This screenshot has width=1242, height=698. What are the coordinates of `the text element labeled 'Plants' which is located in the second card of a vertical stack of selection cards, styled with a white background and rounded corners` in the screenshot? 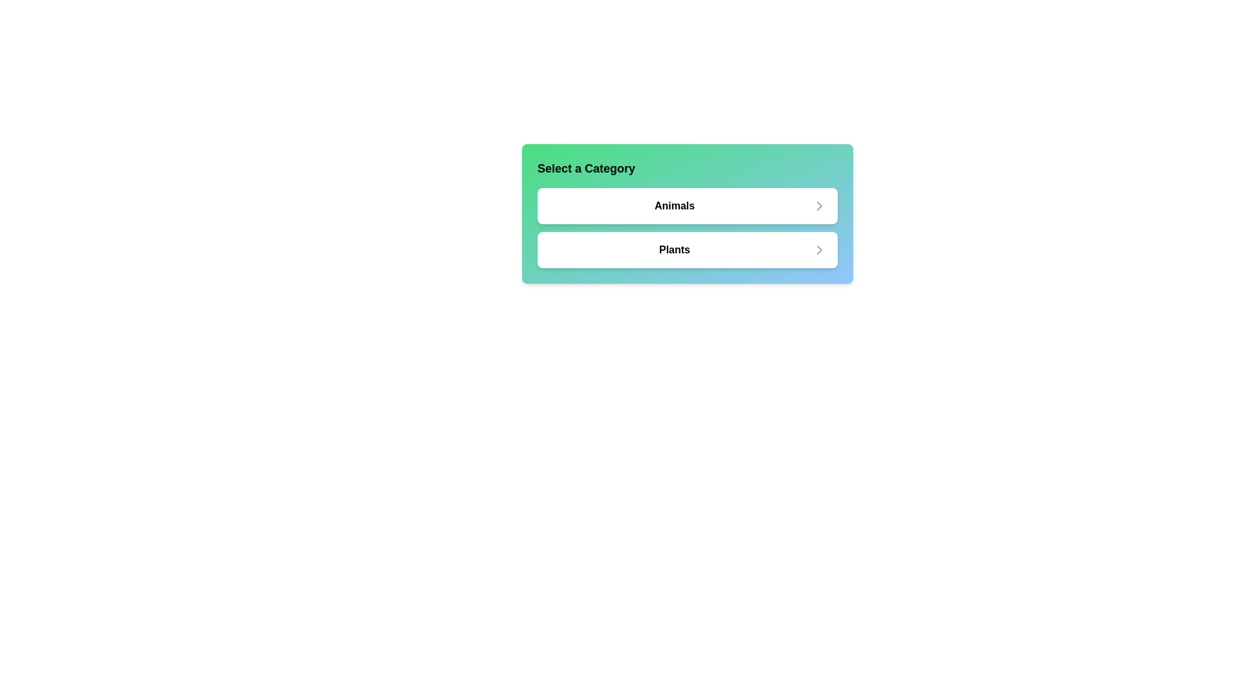 It's located at (673, 249).